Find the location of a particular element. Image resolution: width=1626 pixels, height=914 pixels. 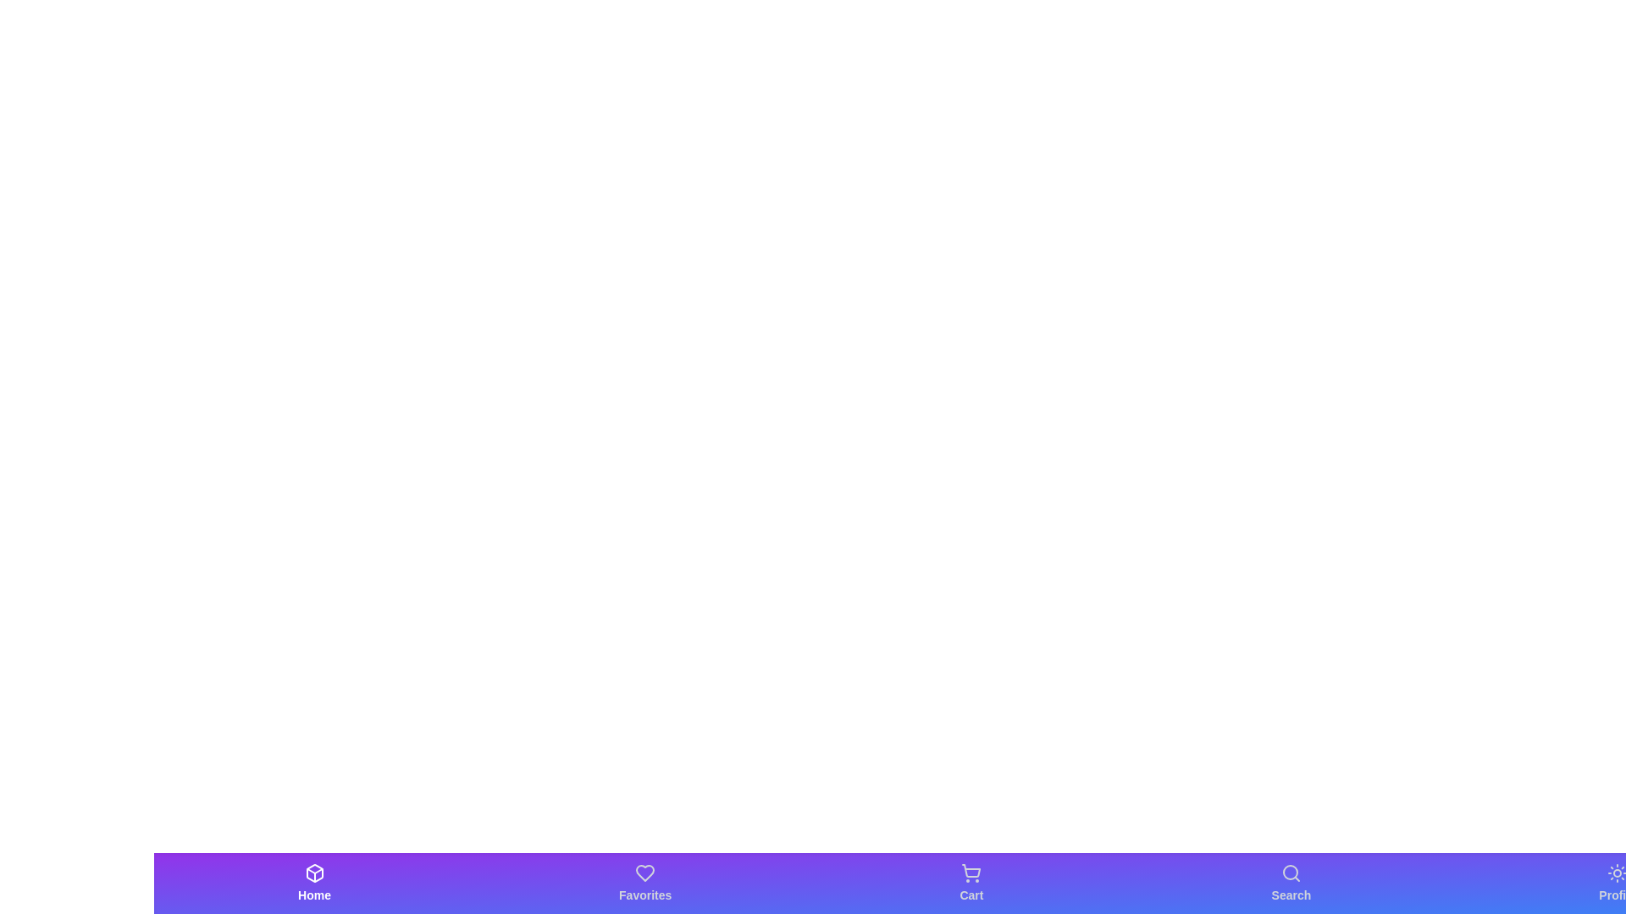

the Profile tab in the bottom bar is located at coordinates (1617, 883).